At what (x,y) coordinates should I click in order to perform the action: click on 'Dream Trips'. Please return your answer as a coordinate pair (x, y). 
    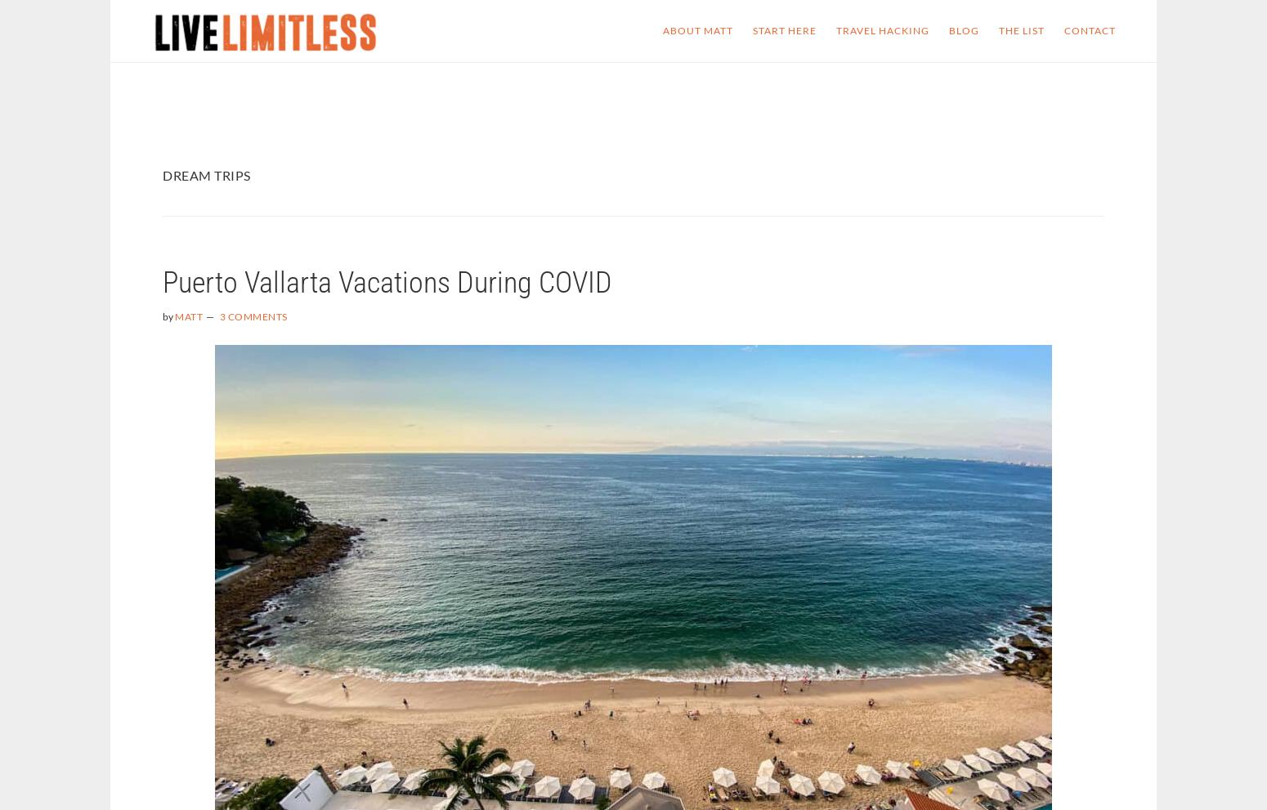
    Looking at the image, I should click on (206, 174).